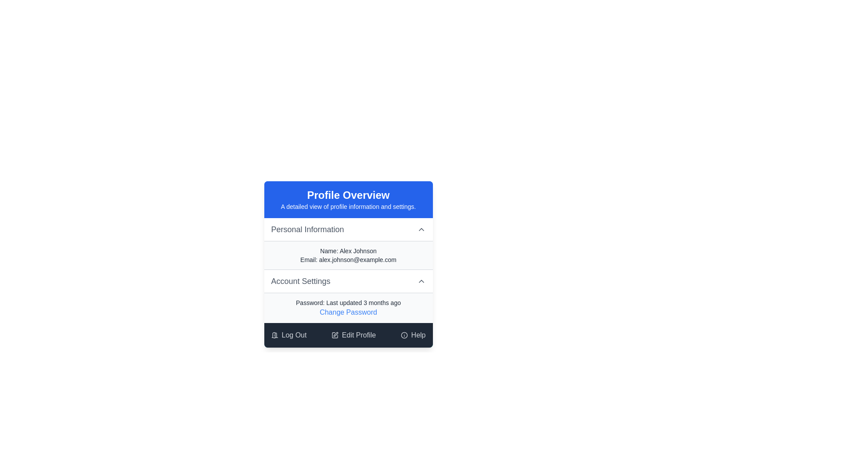 This screenshot has width=843, height=474. What do you see at coordinates (348, 307) in the screenshot?
I see `the 'Change Password' hyperlink located in the 'Account Settings' section of the profile overview card` at bounding box center [348, 307].